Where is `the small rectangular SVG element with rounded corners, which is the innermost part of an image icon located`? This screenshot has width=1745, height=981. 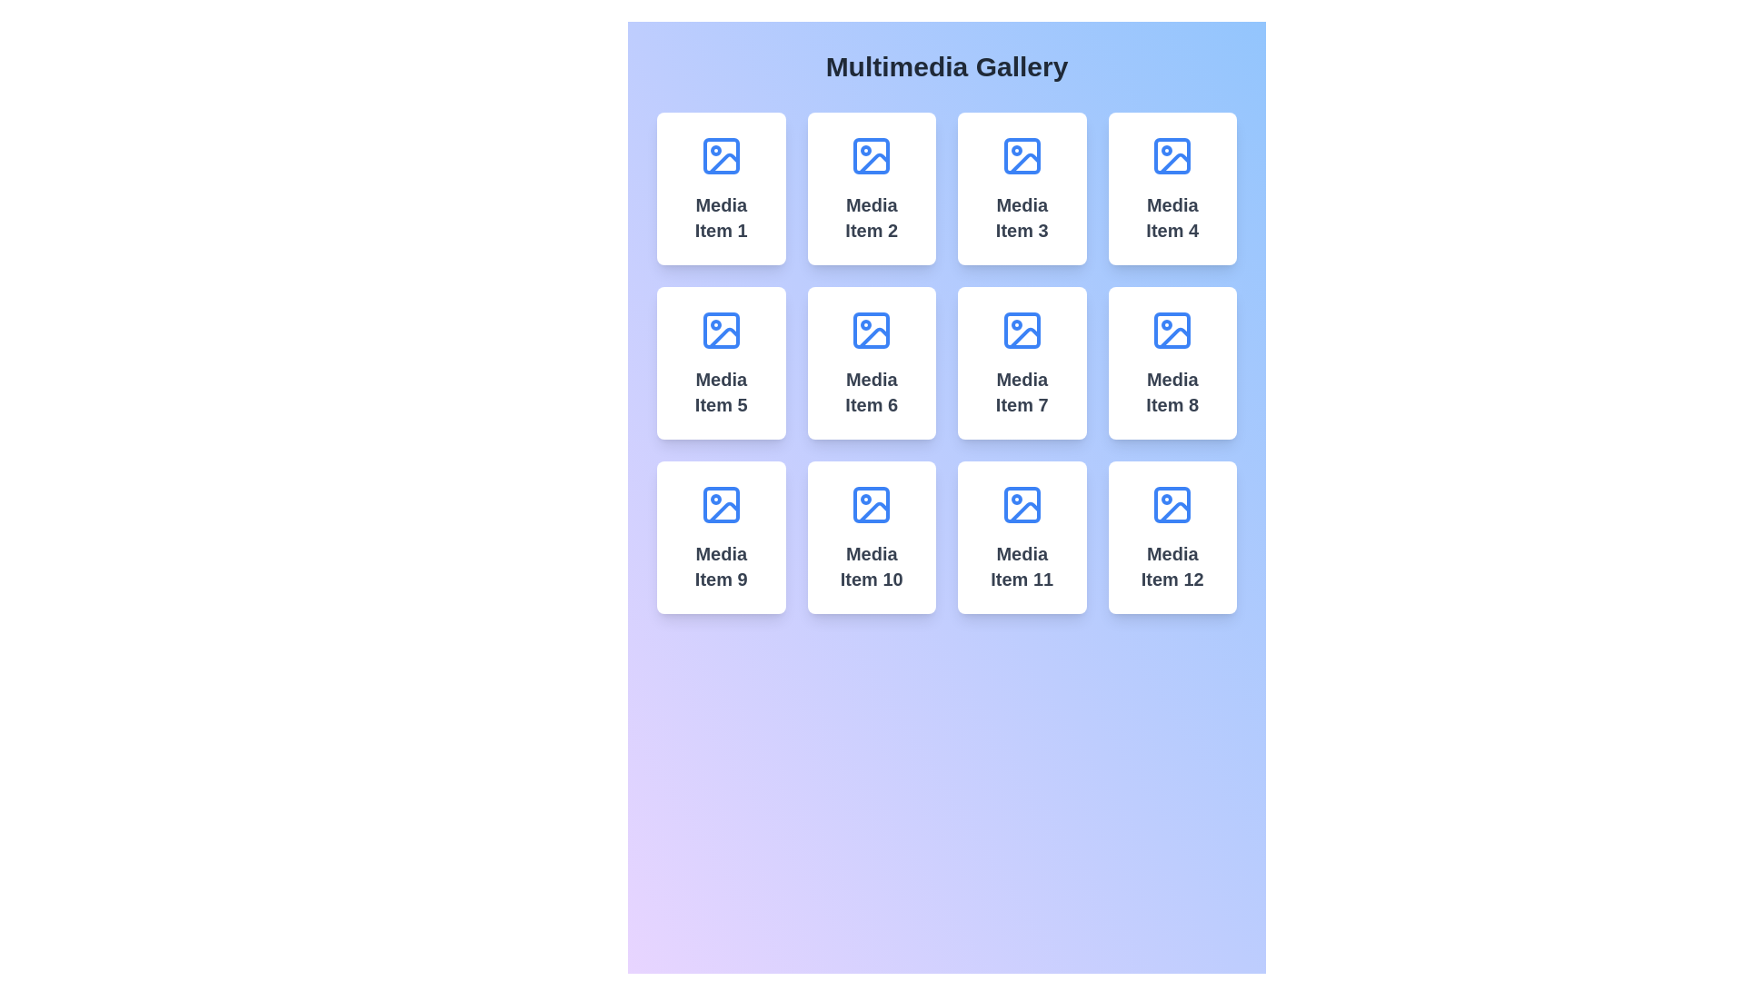 the small rectangular SVG element with rounded corners, which is the innermost part of an image icon located is located at coordinates (1022, 155).